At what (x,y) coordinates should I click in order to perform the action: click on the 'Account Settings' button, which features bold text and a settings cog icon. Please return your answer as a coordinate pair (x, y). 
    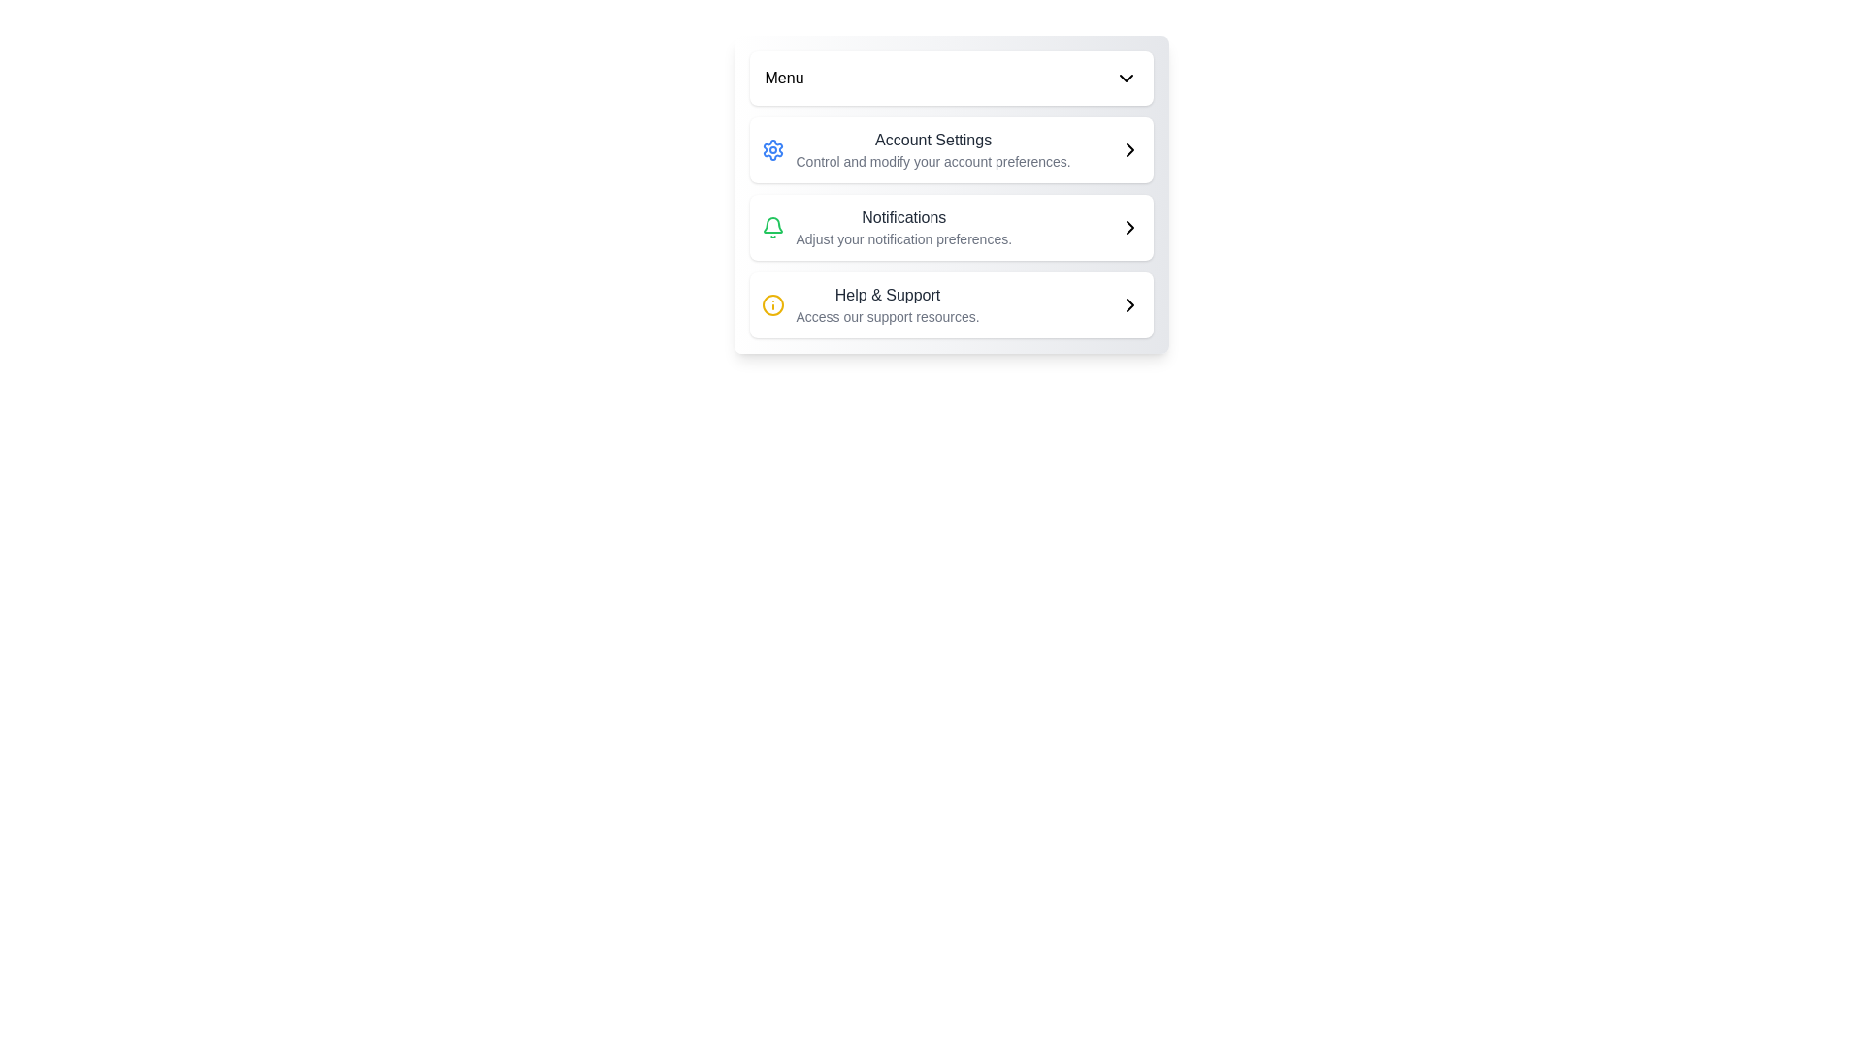
    Looking at the image, I should click on (915, 148).